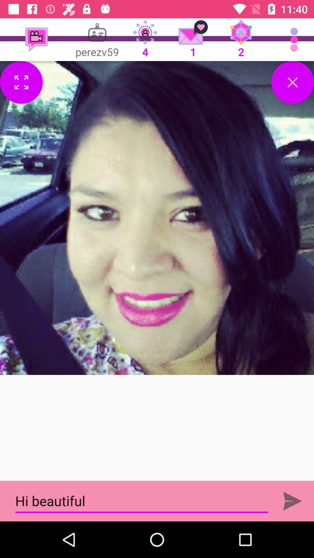  What do you see at coordinates (292, 501) in the screenshot?
I see `the send icon` at bounding box center [292, 501].